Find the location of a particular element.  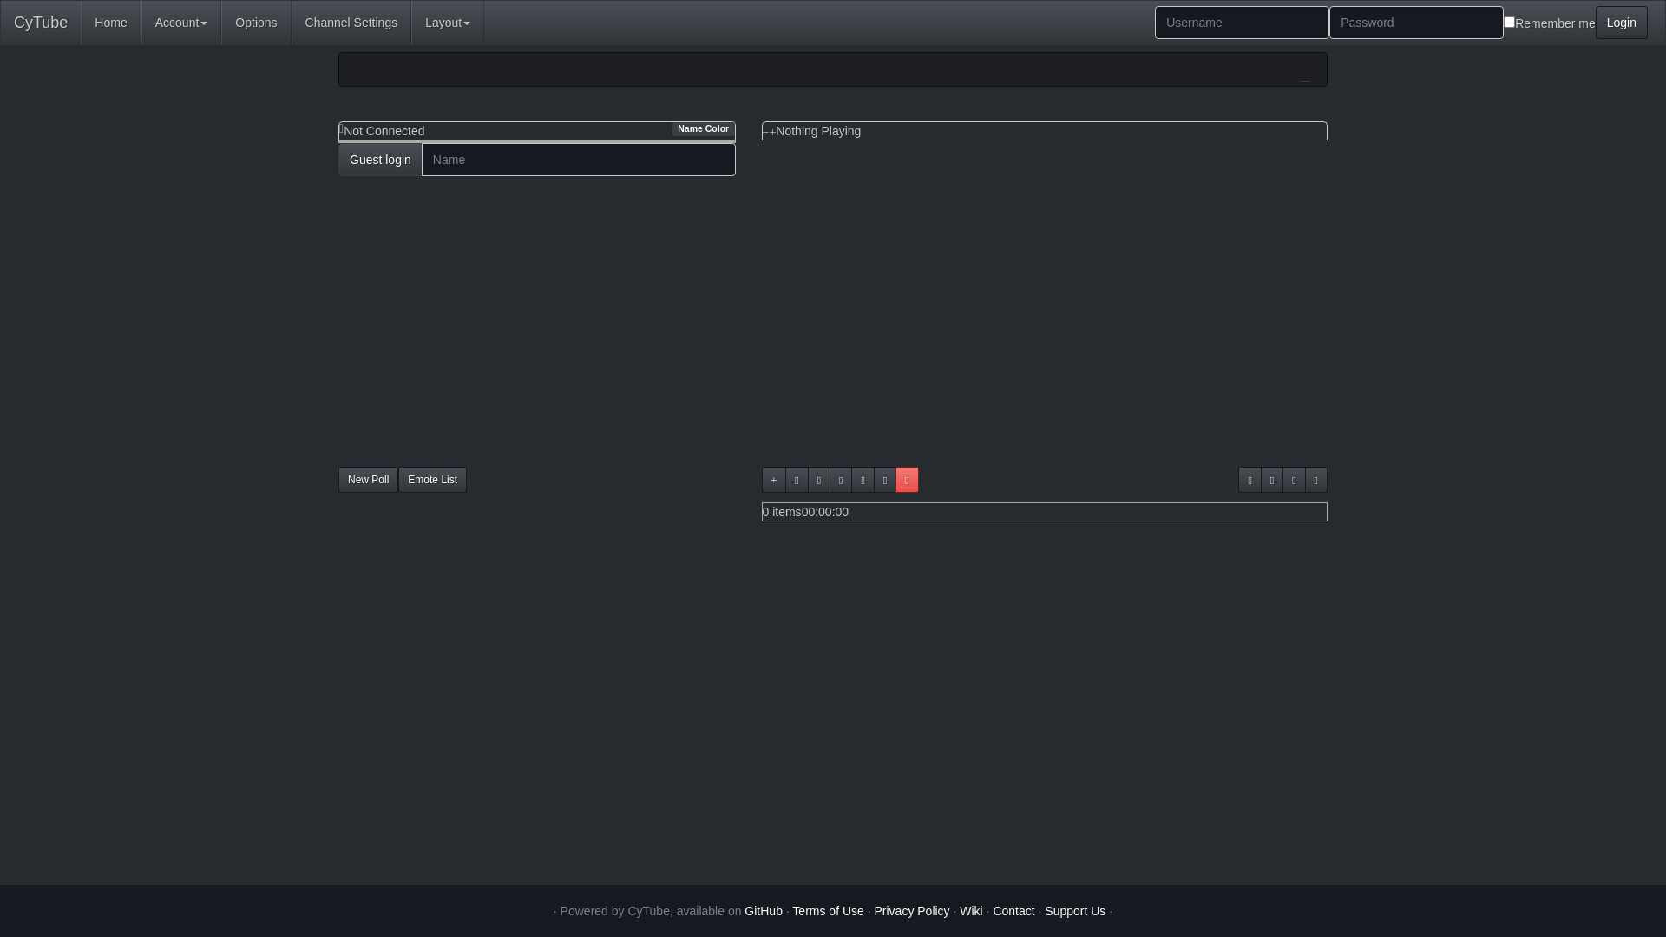

'Layout' is located at coordinates (448, 23).